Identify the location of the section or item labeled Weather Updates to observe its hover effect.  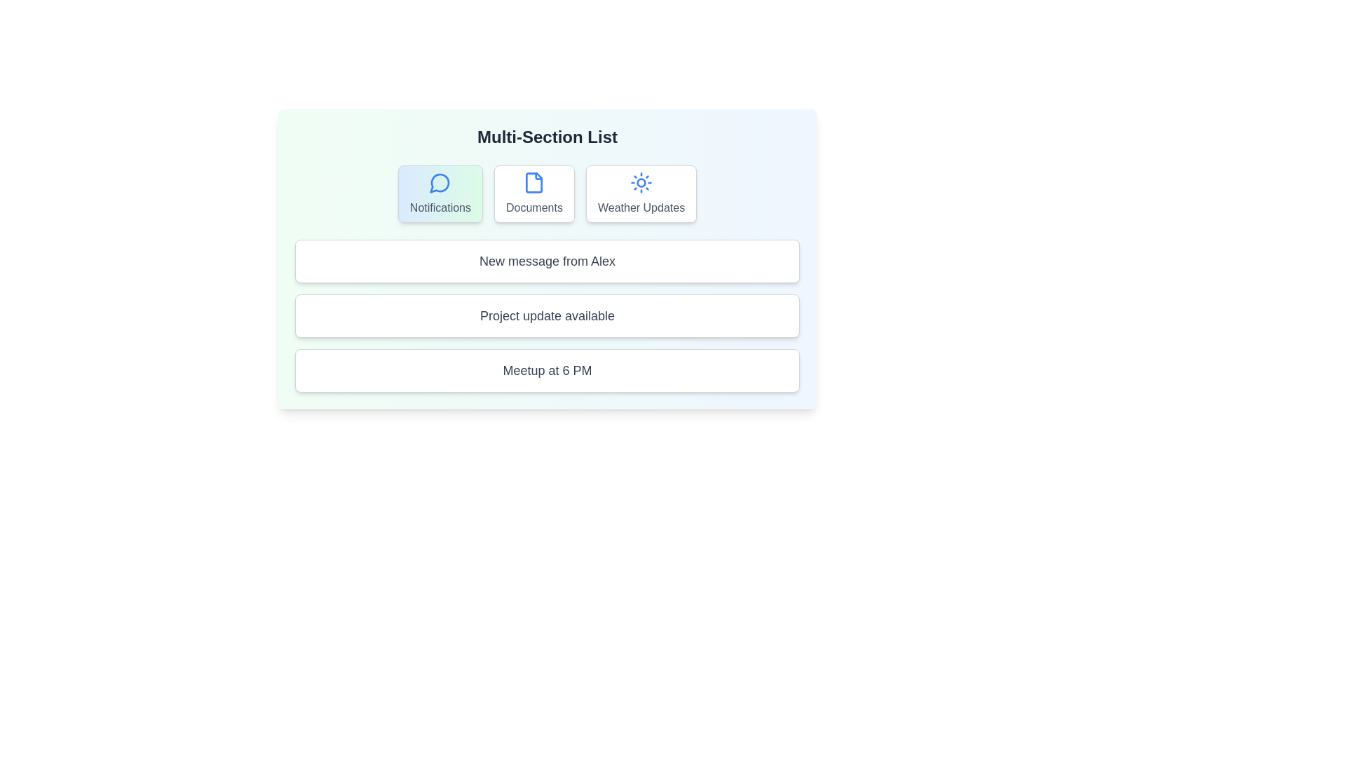
(641, 194).